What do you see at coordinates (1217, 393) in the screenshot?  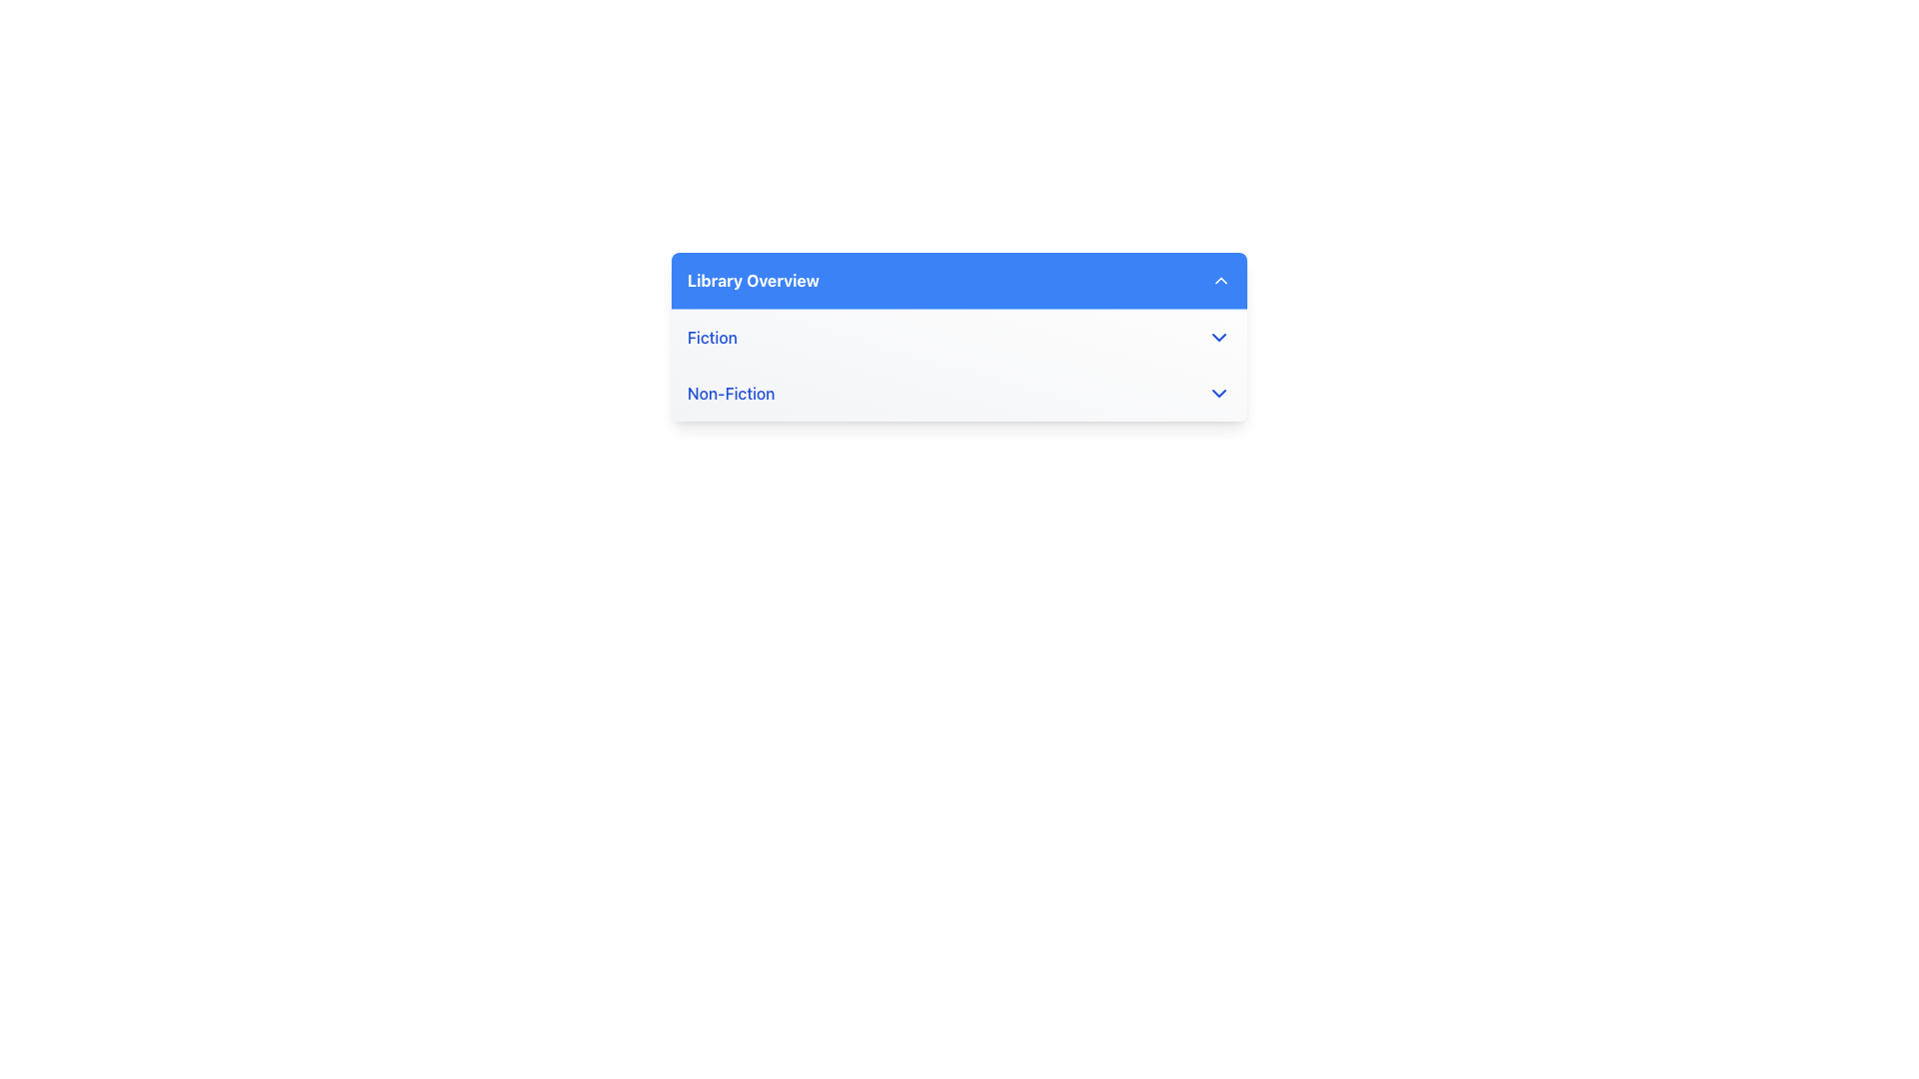 I see `the downward-pointing chevron SVG icon located within the 'Non-Fiction' section for additional visual feedback` at bounding box center [1217, 393].